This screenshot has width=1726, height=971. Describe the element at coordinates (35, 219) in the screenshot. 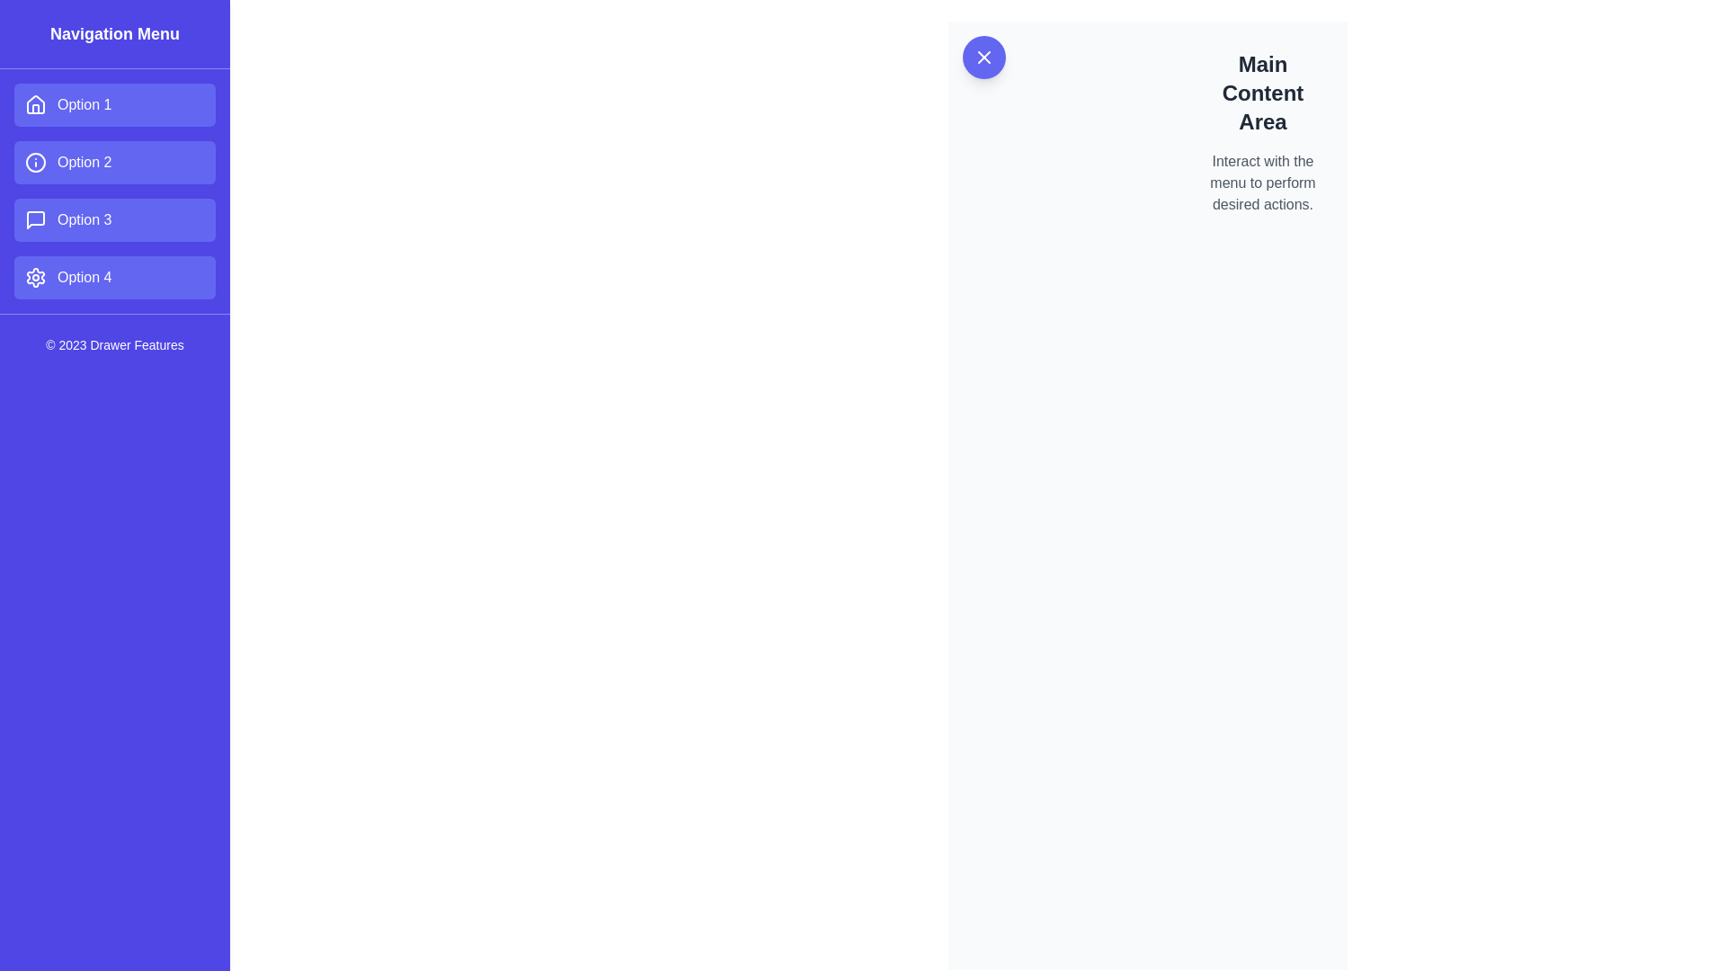

I see `the icon representing 'Option 3' in the sidebar menu, which visually indicates the purpose of this menu option` at that location.